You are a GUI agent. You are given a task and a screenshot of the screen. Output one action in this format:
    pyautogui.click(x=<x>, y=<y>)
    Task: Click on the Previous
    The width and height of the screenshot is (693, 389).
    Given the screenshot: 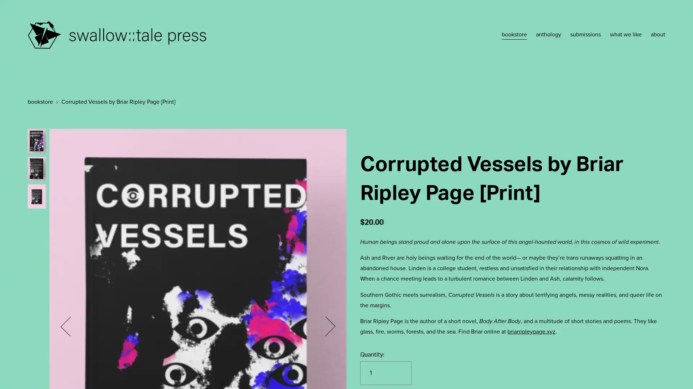 What is the action you would take?
    pyautogui.click(x=70, y=326)
    